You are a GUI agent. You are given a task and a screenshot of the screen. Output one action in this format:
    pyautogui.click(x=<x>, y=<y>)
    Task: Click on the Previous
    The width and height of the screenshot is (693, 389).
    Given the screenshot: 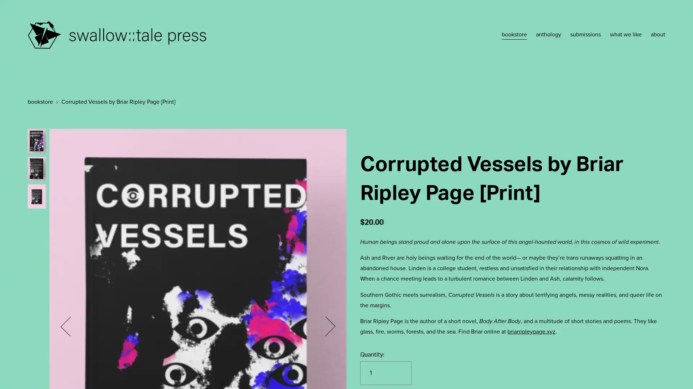 What is the action you would take?
    pyautogui.click(x=70, y=326)
    